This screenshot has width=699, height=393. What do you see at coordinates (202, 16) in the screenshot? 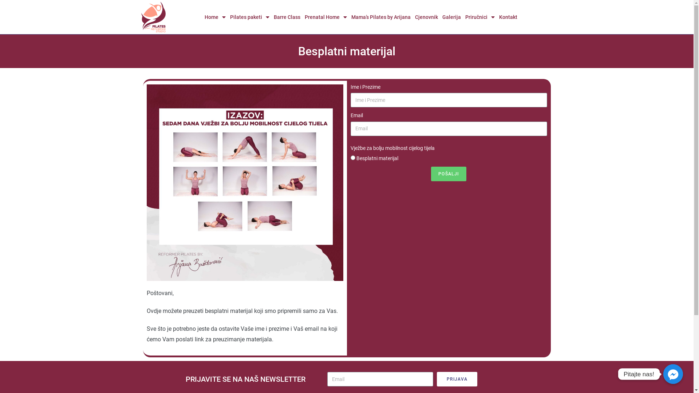
I see `'Home'` at bounding box center [202, 16].